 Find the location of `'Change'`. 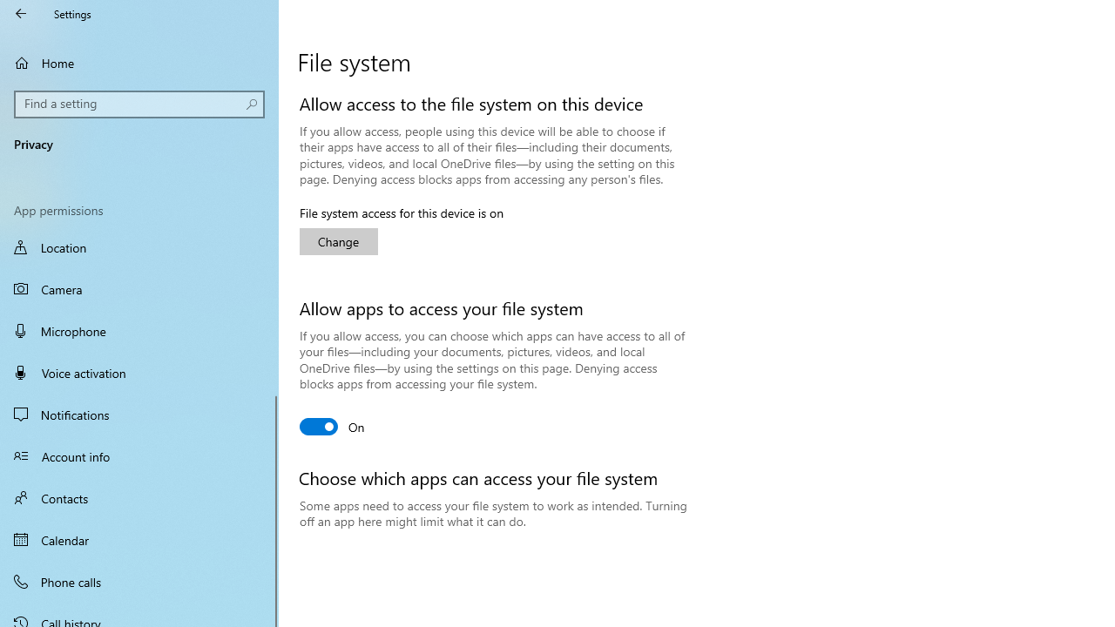

'Change' is located at coordinates (339, 241).